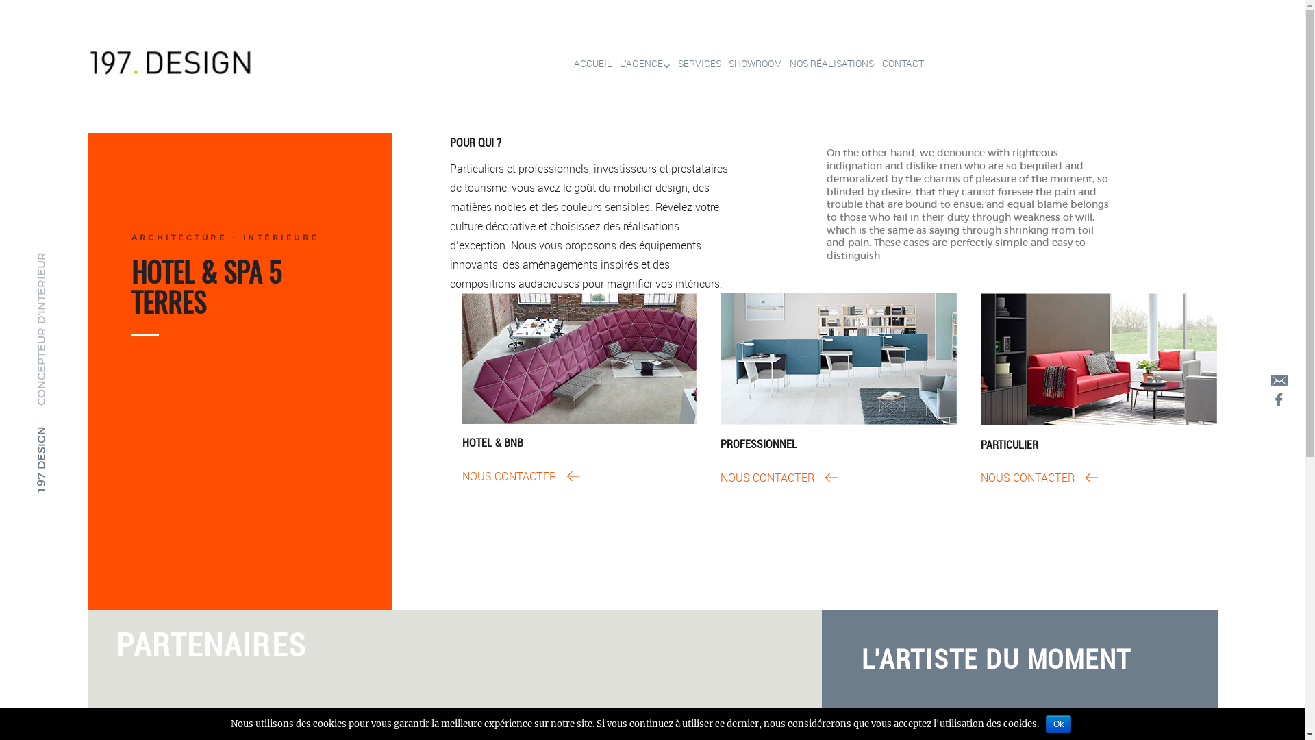 This screenshot has width=1315, height=740. Describe the element at coordinates (720, 64) in the screenshot. I see `'SHOWROOM'` at that location.